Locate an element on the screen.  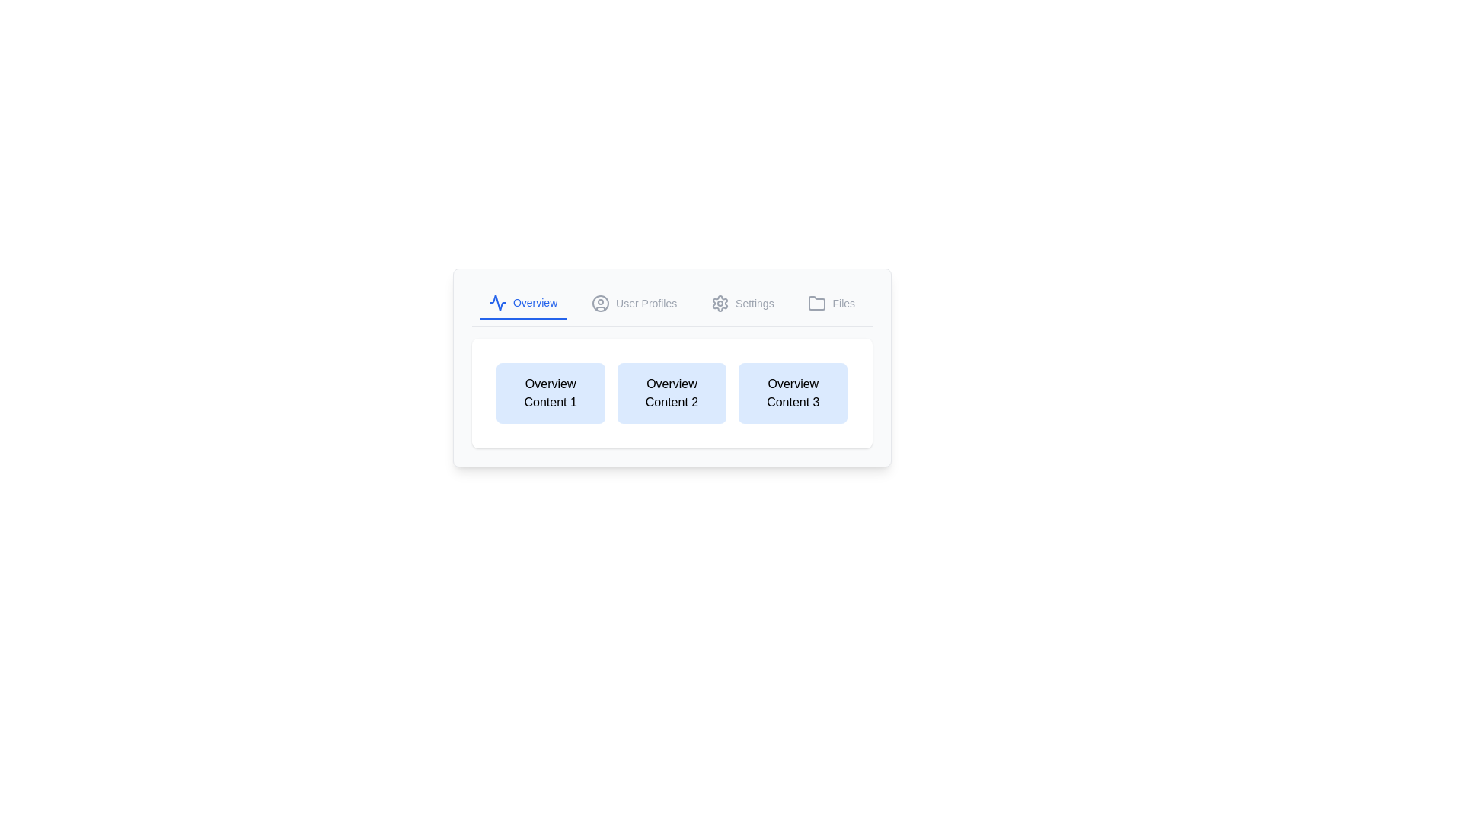
the gear-shaped settings icon located in the navigation bar, positioned between the user profiles icon and the 'Settings' text label is located at coordinates (719, 303).